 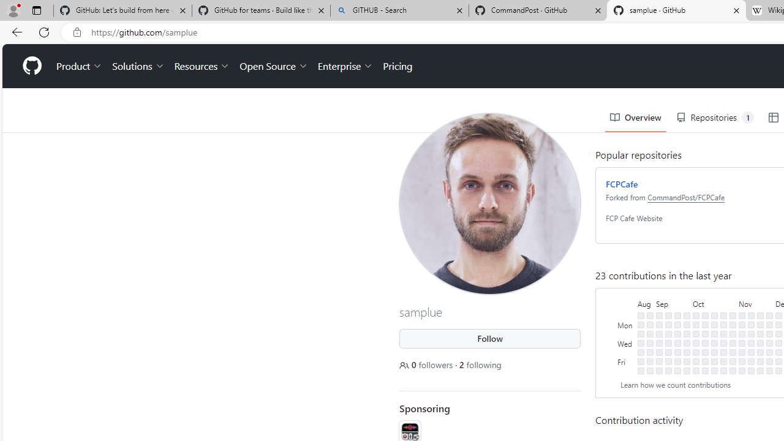 I want to click on 'No contributions on October 26th.', so click(x=723, y=352).